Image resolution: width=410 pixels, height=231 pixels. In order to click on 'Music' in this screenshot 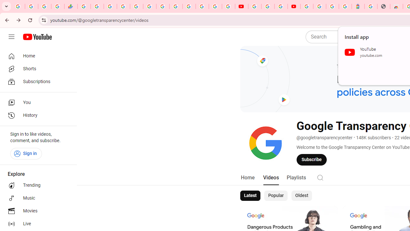, I will do `click(36, 198)`.